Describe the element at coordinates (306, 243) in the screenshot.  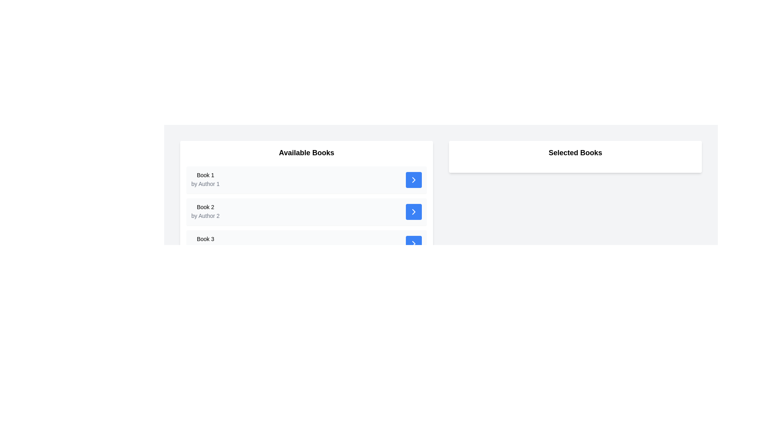
I see `the third item in the list of 'Available Books'` at that location.